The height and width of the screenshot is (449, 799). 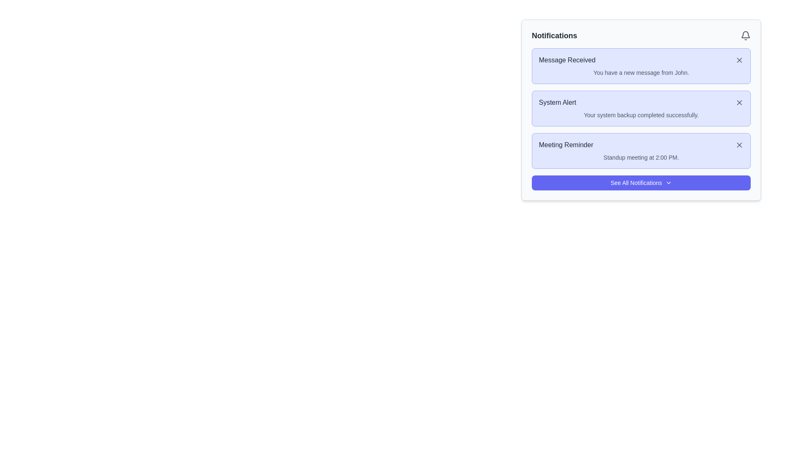 I want to click on the Close button, represented by an 'X' icon within the notification titled 'Meeting Reminder', so click(x=739, y=144).